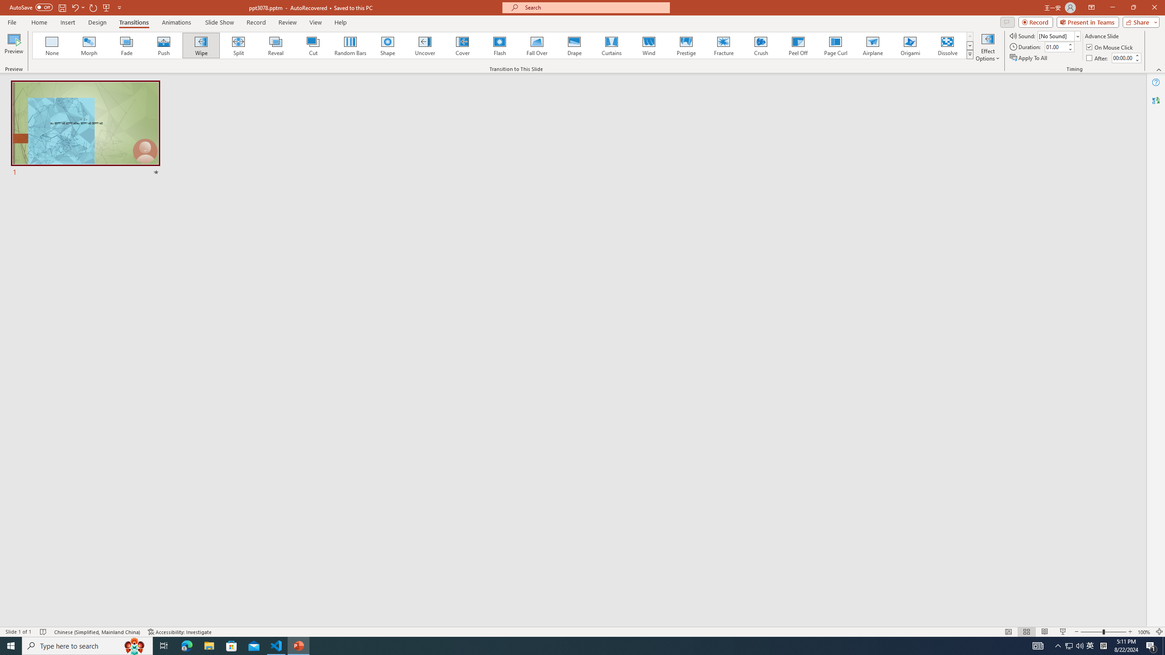 The width and height of the screenshot is (1165, 655). Describe the element at coordinates (872, 45) in the screenshot. I see `'Airplane'` at that location.